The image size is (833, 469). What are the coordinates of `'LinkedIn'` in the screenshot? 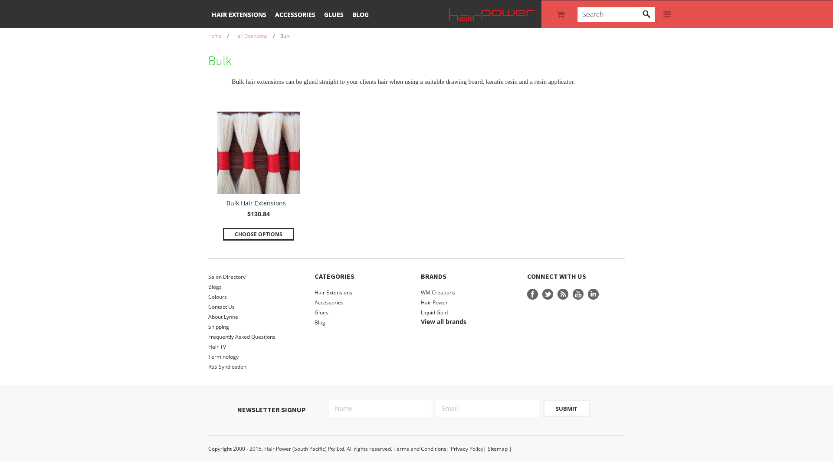 It's located at (593, 294).